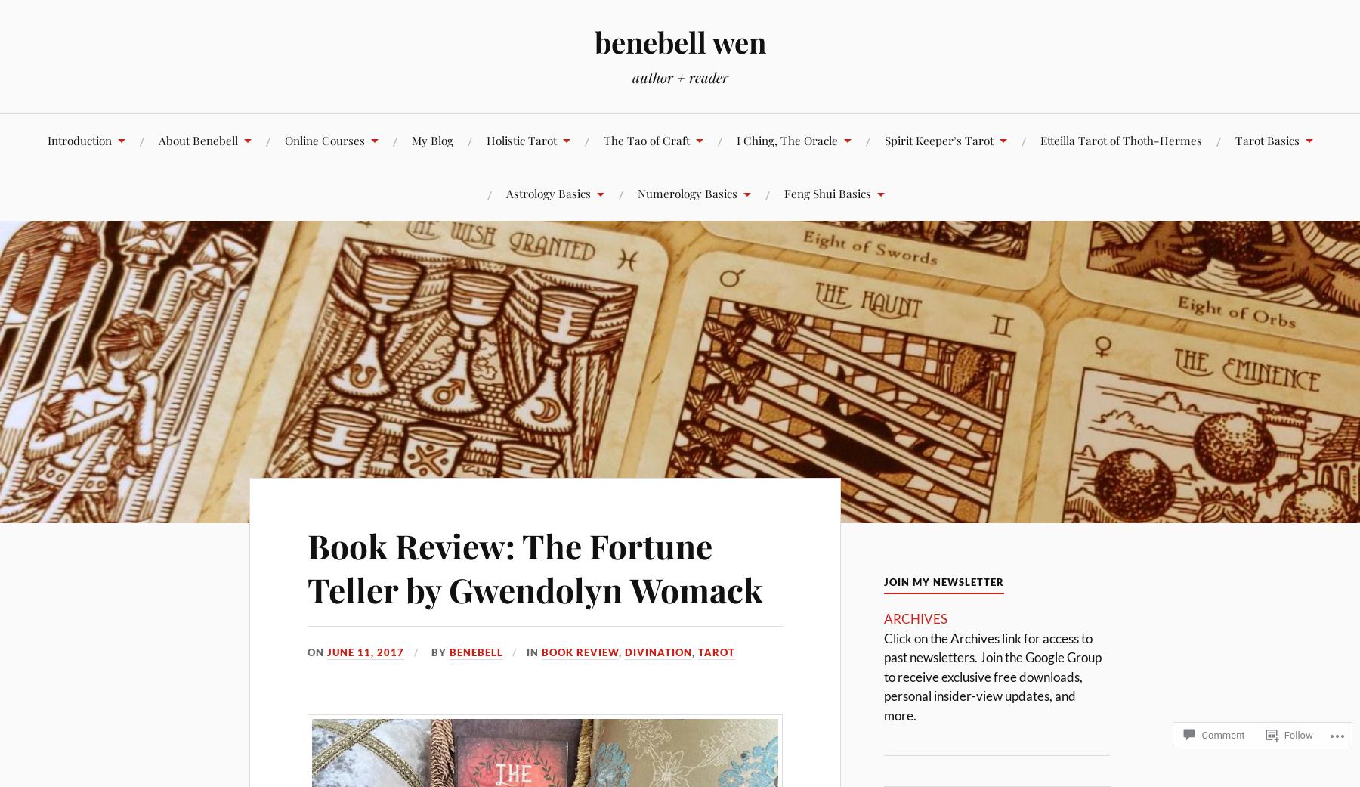 This screenshot has height=787, width=1360. I want to click on 'ARCHIVES', so click(914, 618).